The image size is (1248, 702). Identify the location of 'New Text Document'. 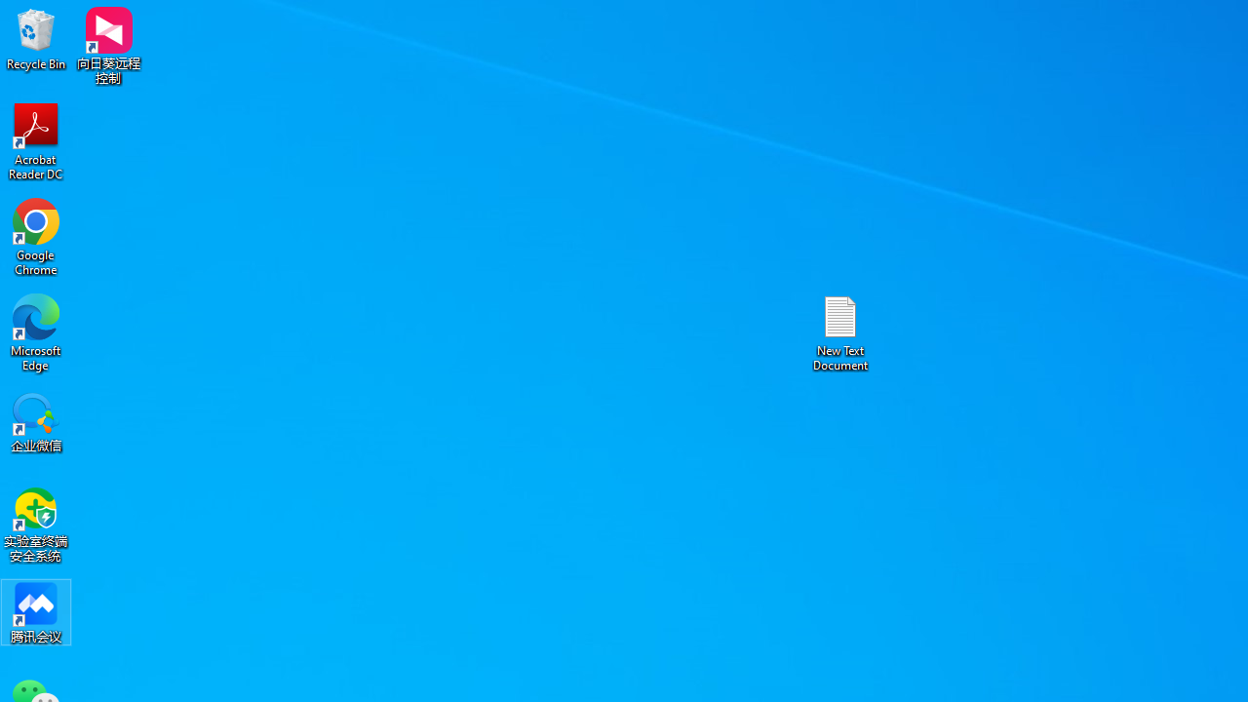
(840, 331).